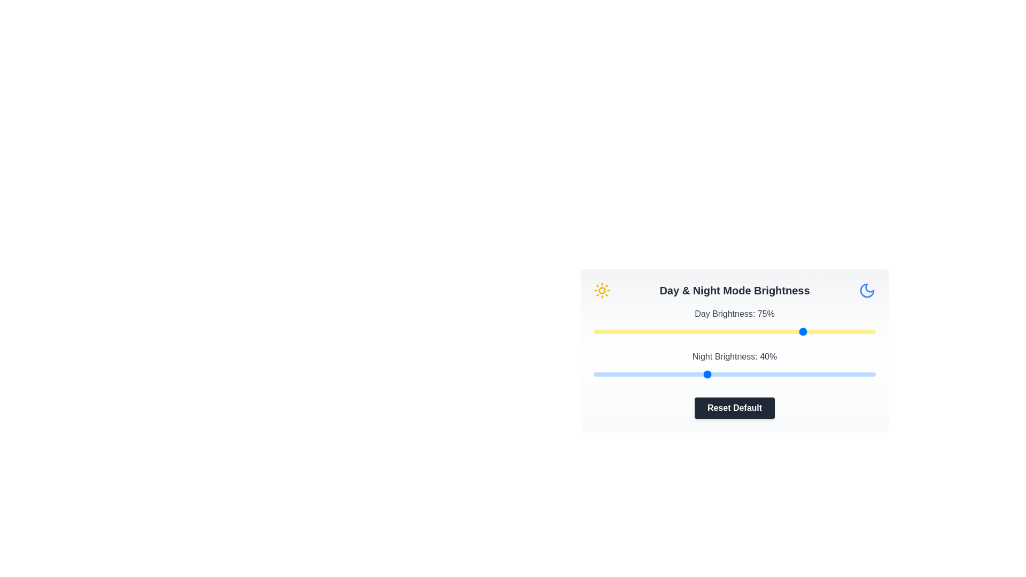 The height and width of the screenshot is (577, 1026). What do you see at coordinates (630, 331) in the screenshot?
I see `the day brightness slider to 13%` at bounding box center [630, 331].